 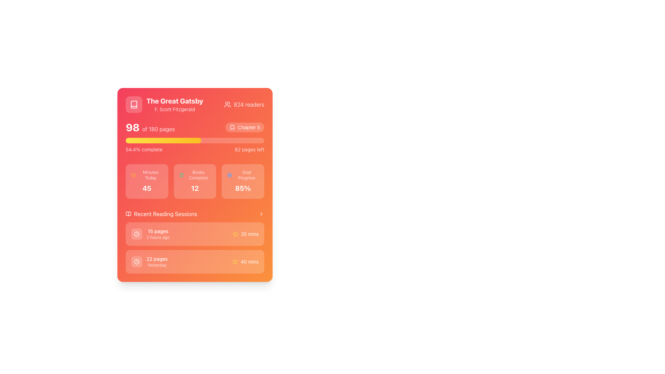 I want to click on the informational panel that provides an overview of the book, including its title, author, and the number of readers, so click(x=194, y=104).